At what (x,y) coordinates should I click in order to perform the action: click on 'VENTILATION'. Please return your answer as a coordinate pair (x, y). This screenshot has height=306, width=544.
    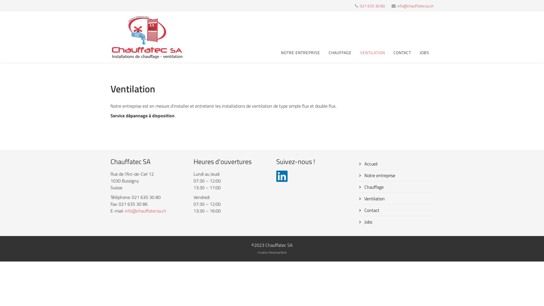
    Looking at the image, I should click on (373, 52).